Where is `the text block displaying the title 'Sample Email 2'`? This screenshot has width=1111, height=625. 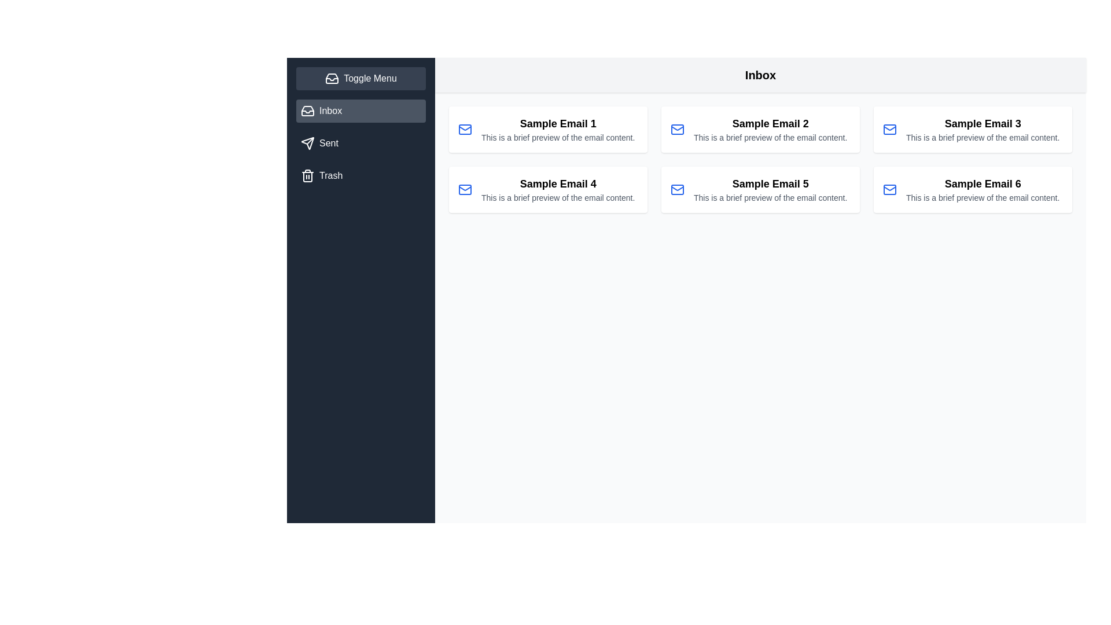 the text block displaying the title 'Sample Email 2' is located at coordinates (770, 129).